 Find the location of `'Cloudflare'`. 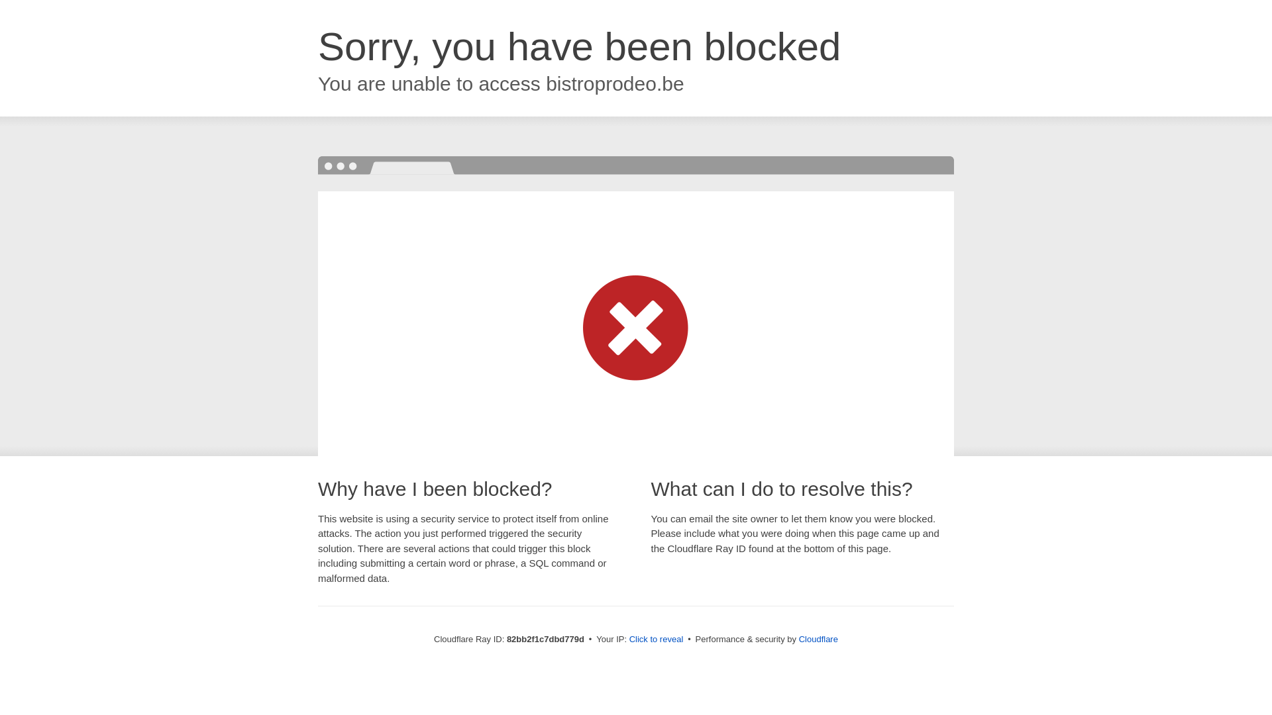

'Cloudflare' is located at coordinates (818, 638).